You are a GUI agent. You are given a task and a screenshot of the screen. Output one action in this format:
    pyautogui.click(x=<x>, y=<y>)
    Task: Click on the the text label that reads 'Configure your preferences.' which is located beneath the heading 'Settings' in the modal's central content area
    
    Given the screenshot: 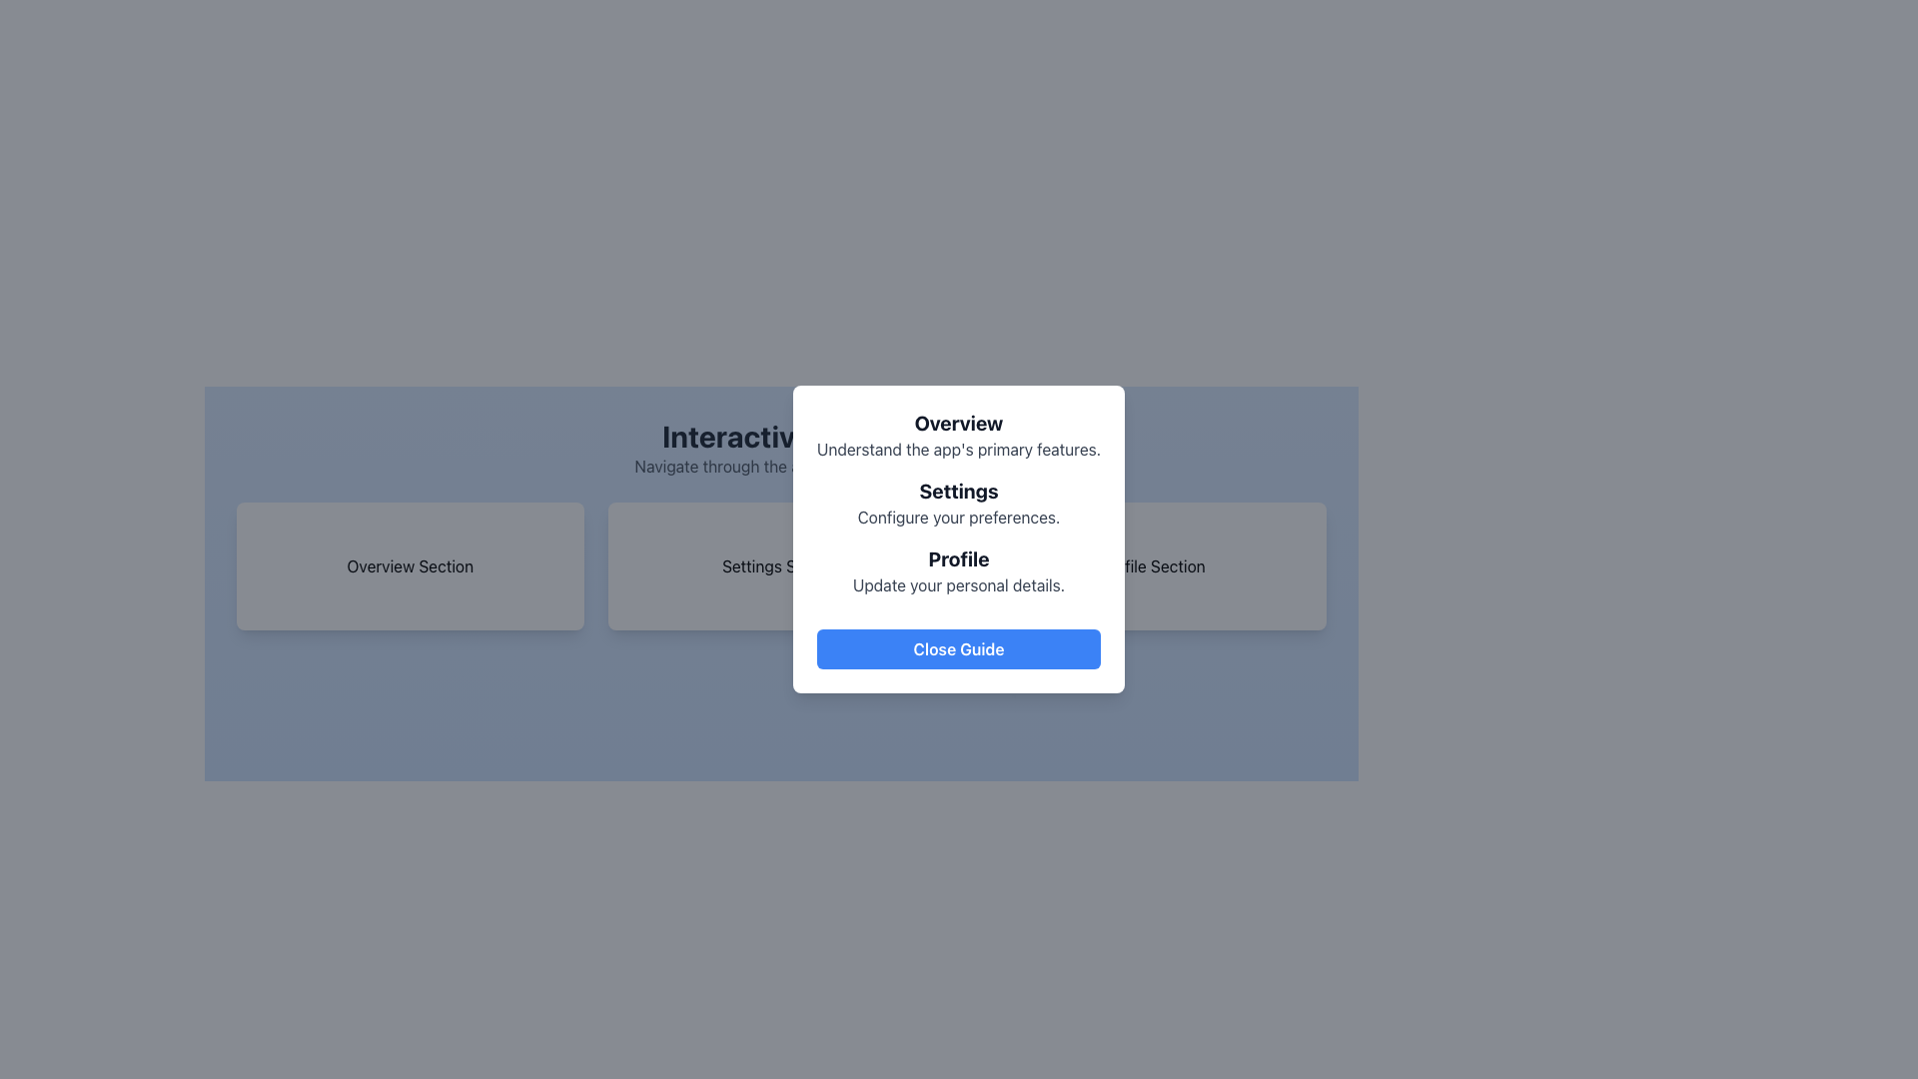 What is the action you would take?
    pyautogui.click(x=959, y=516)
    